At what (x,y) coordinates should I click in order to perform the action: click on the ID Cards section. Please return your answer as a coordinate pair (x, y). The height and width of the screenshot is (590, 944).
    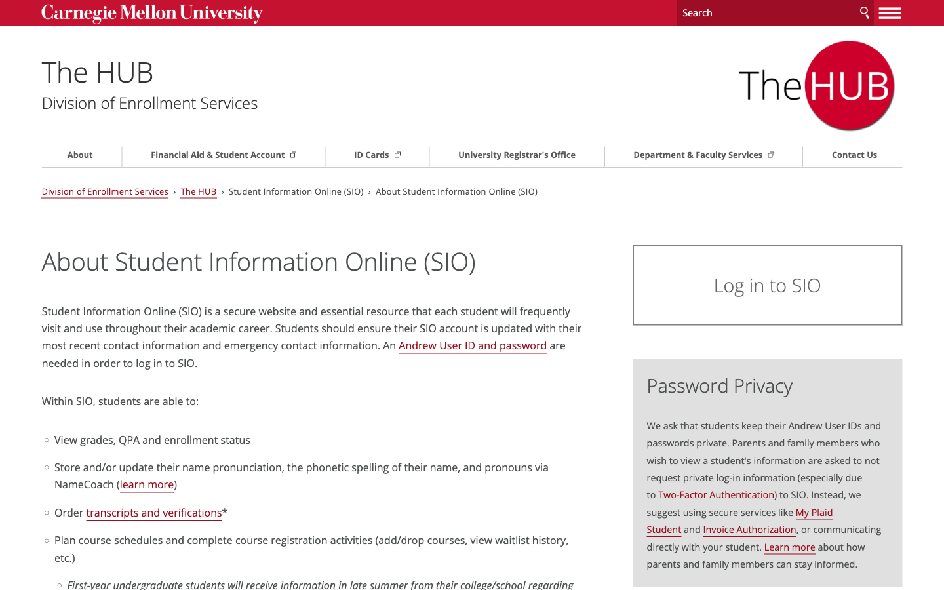
    Looking at the image, I should click on (383, 154).